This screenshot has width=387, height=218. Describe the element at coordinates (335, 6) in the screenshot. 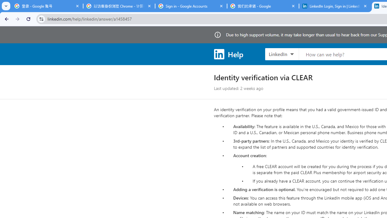

I see `'LinkedIn Login, Sign in | LinkedIn'` at that location.